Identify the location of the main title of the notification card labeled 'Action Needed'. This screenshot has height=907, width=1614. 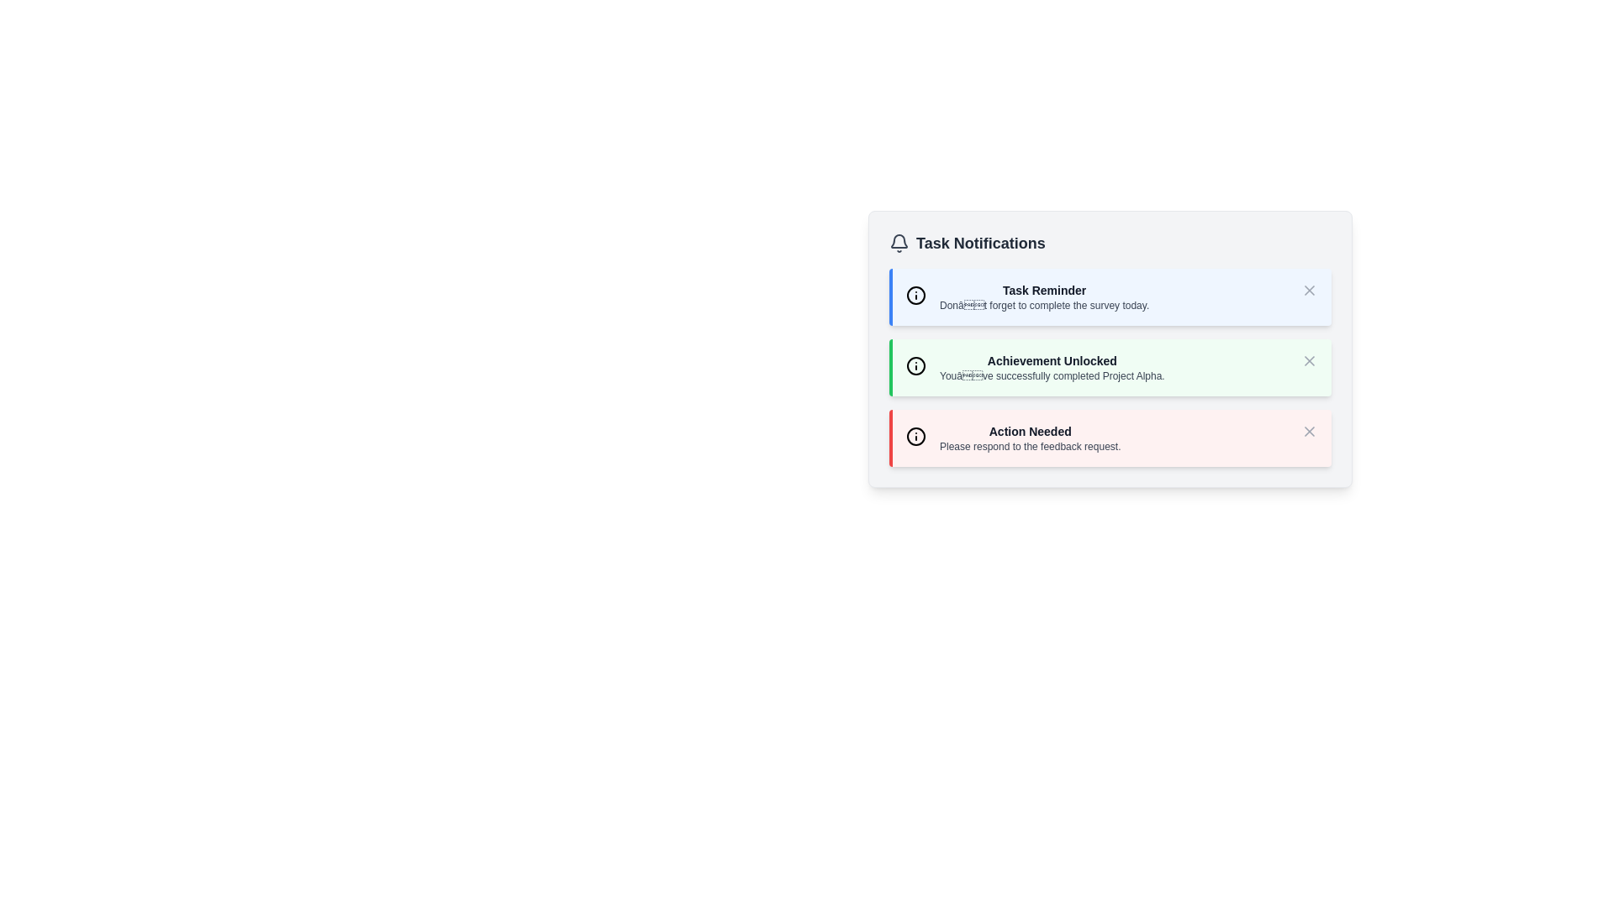
(1029, 430).